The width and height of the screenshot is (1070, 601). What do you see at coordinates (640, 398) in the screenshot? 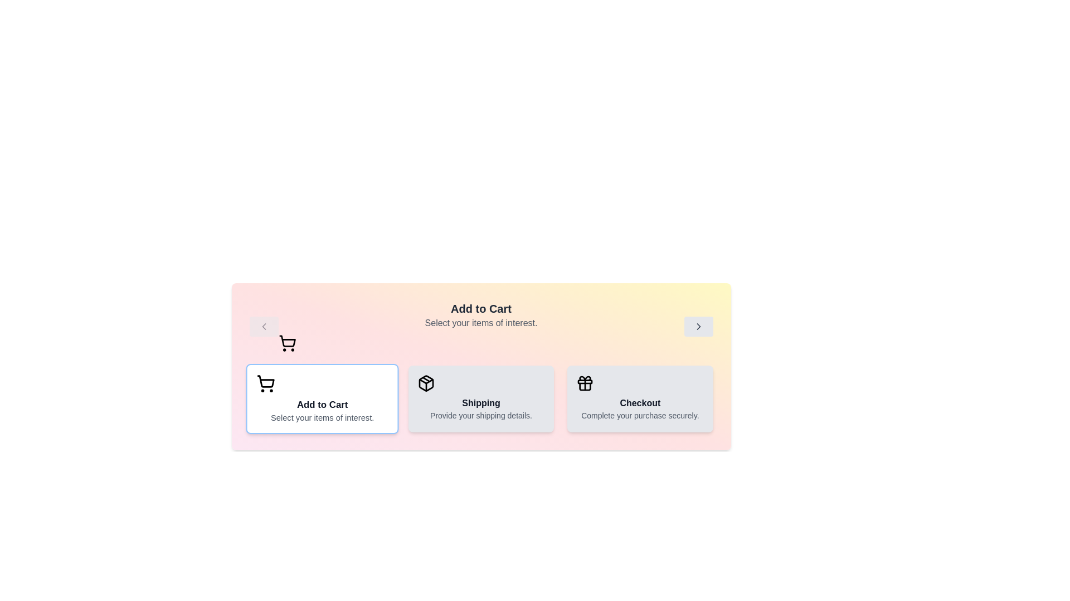
I see `the informational card that presents the 'Checkout' step of the multi-step process, located at the far-right column of the grid layout` at bounding box center [640, 398].